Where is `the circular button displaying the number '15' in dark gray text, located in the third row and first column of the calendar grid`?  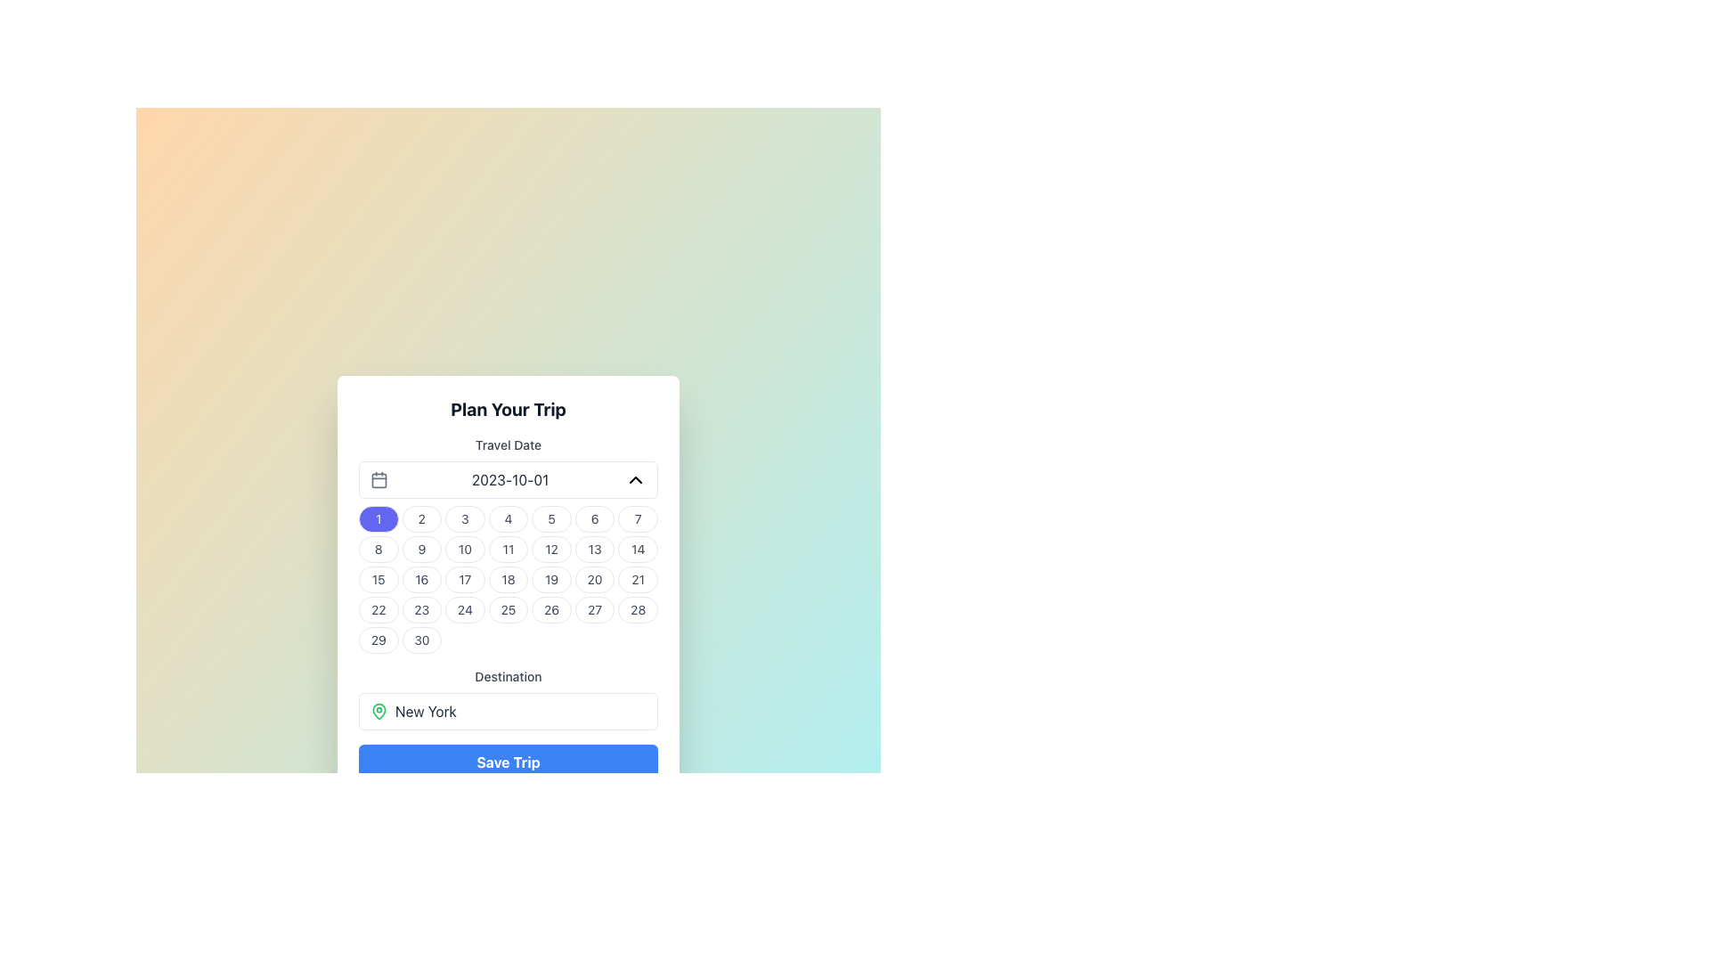 the circular button displaying the number '15' in dark gray text, located in the third row and first column of the calendar grid is located at coordinates (378, 580).